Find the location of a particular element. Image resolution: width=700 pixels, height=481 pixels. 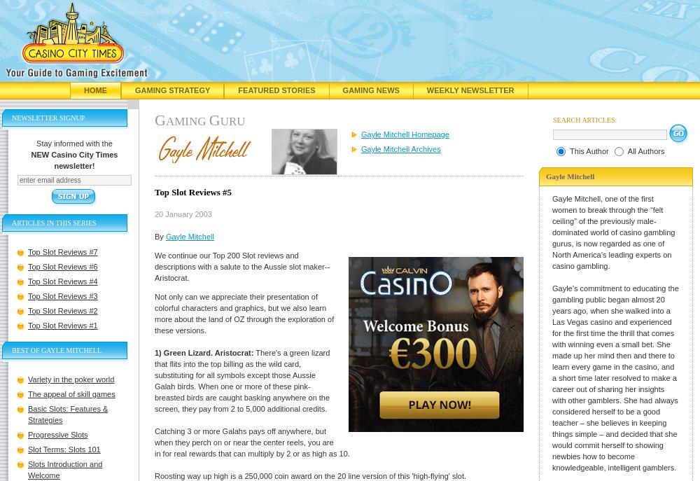

'Newsletter Signup' is located at coordinates (12, 118).